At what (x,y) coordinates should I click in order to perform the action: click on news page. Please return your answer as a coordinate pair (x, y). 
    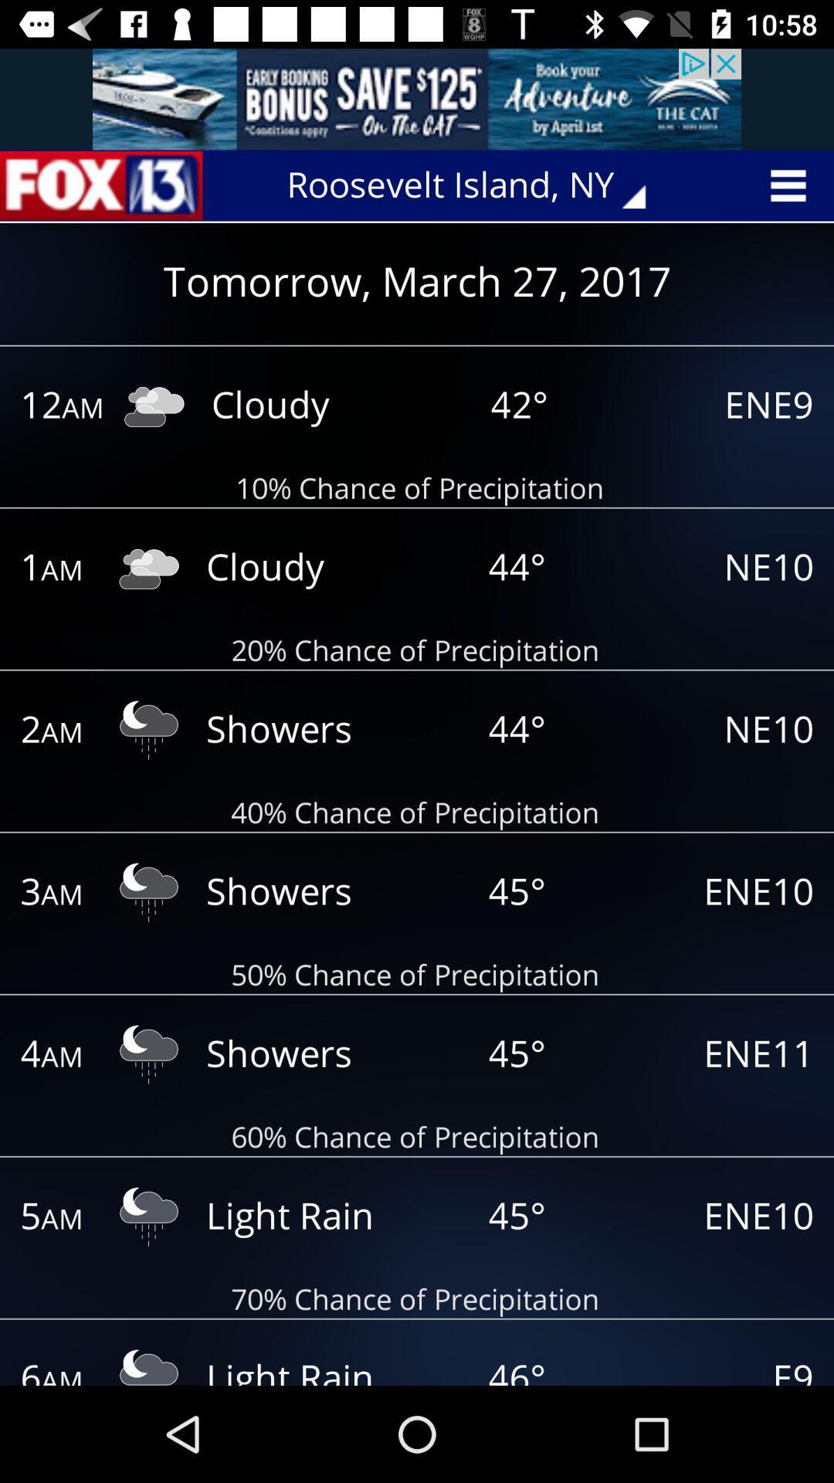
    Looking at the image, I should click on (101, 185).